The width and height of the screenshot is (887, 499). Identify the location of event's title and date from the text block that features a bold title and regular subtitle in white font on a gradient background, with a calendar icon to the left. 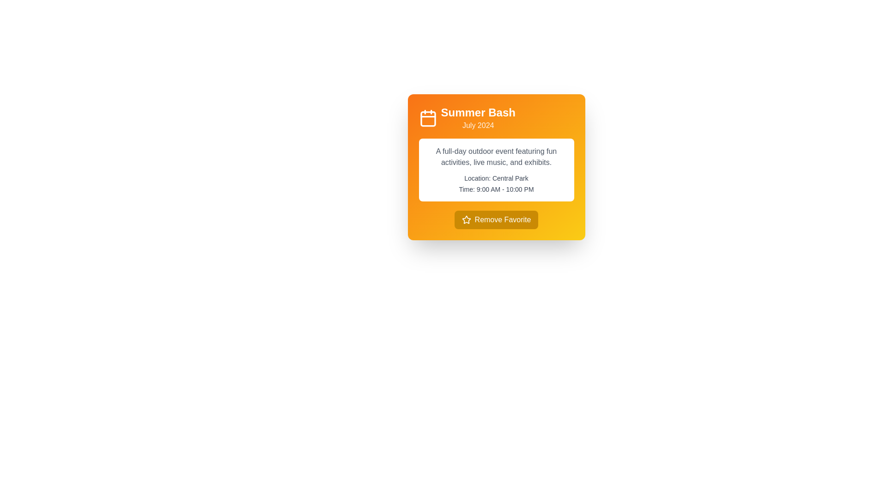
(496, 117).